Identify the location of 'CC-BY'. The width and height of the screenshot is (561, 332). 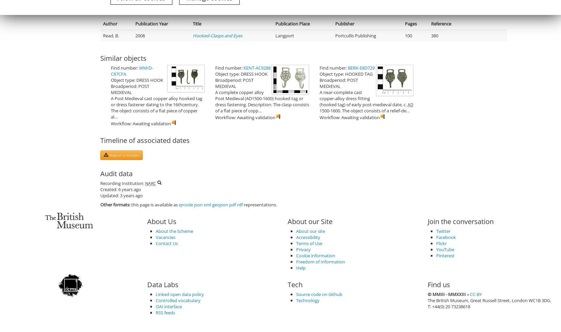
(475, 294).